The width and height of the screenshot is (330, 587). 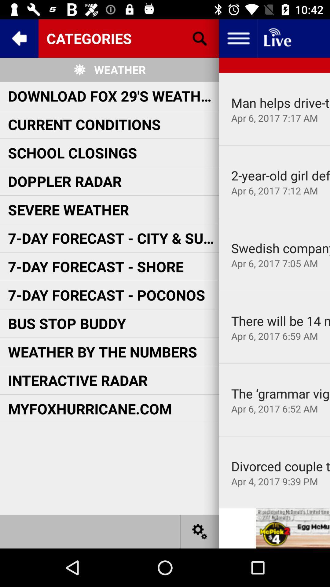 What do you see at coordinates (102, 352) in the screenshot?
I see `icon below bus stop buddy` at bounding box center [102, 352].